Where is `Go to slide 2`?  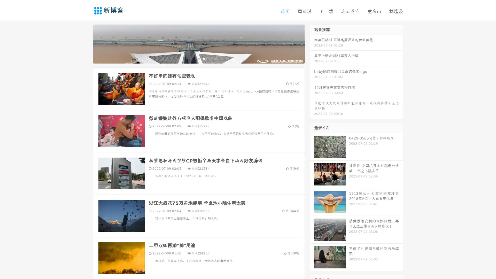
Go to slide 2 is located at coordinates (198, 58).